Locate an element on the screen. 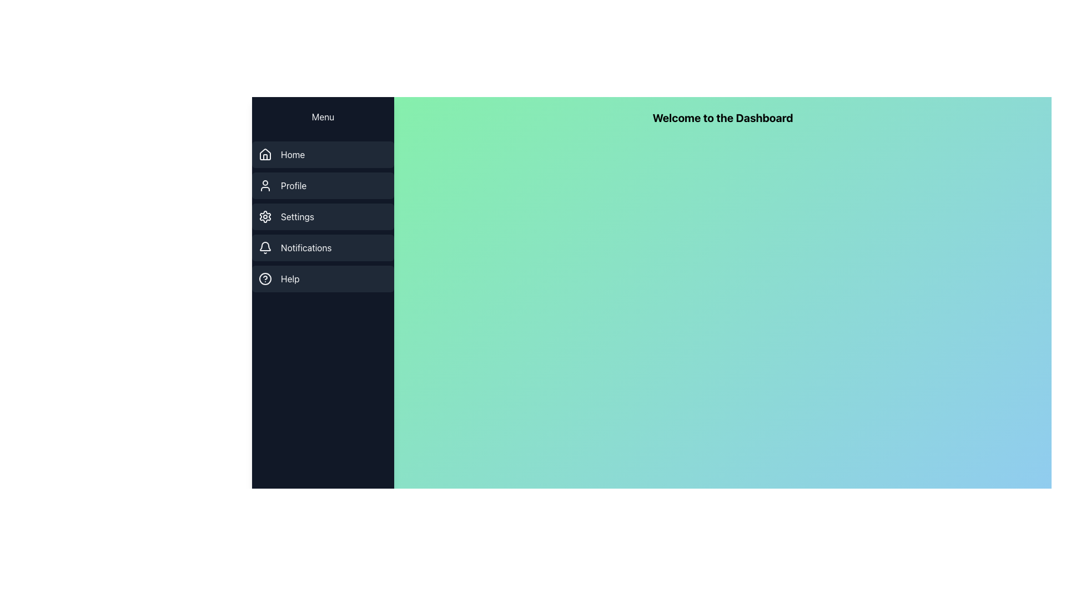  the 'Profile' text label in the navigation menu, which is the second item from the top in the left sidebar is located at coordinates (294, 185).